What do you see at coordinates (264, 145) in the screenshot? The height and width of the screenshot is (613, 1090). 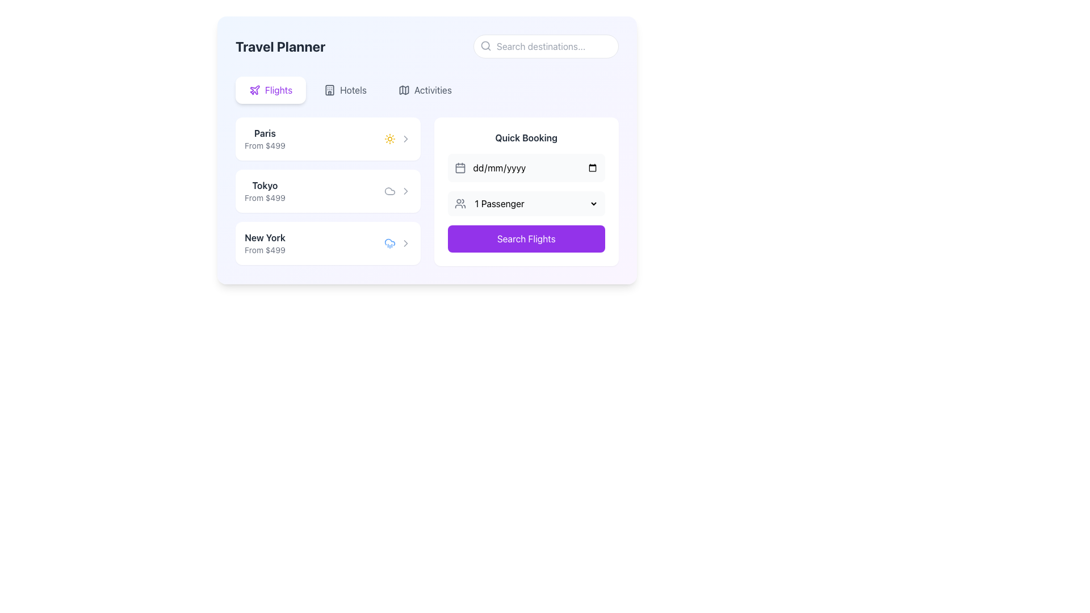 I see `text 'From $499' located directly below the heading 'Paris' in a gray font within the highlighted rectangular section` at bounding box center [264, 145].